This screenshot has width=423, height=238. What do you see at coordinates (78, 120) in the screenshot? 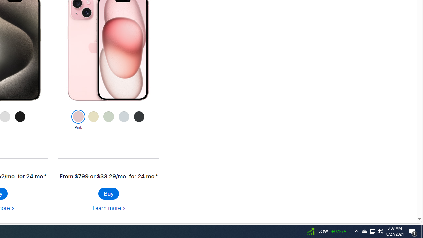
I see `'Pink'` at bounding box center [78, 120].